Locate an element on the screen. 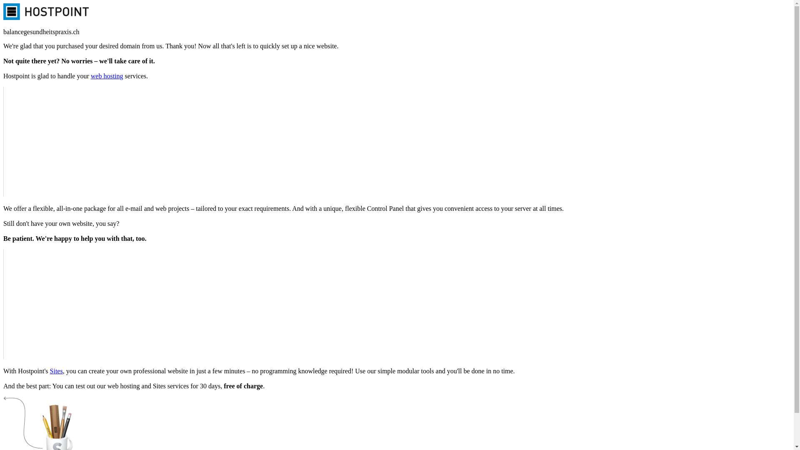  'web hosting' is located at coordinates (107, 76).